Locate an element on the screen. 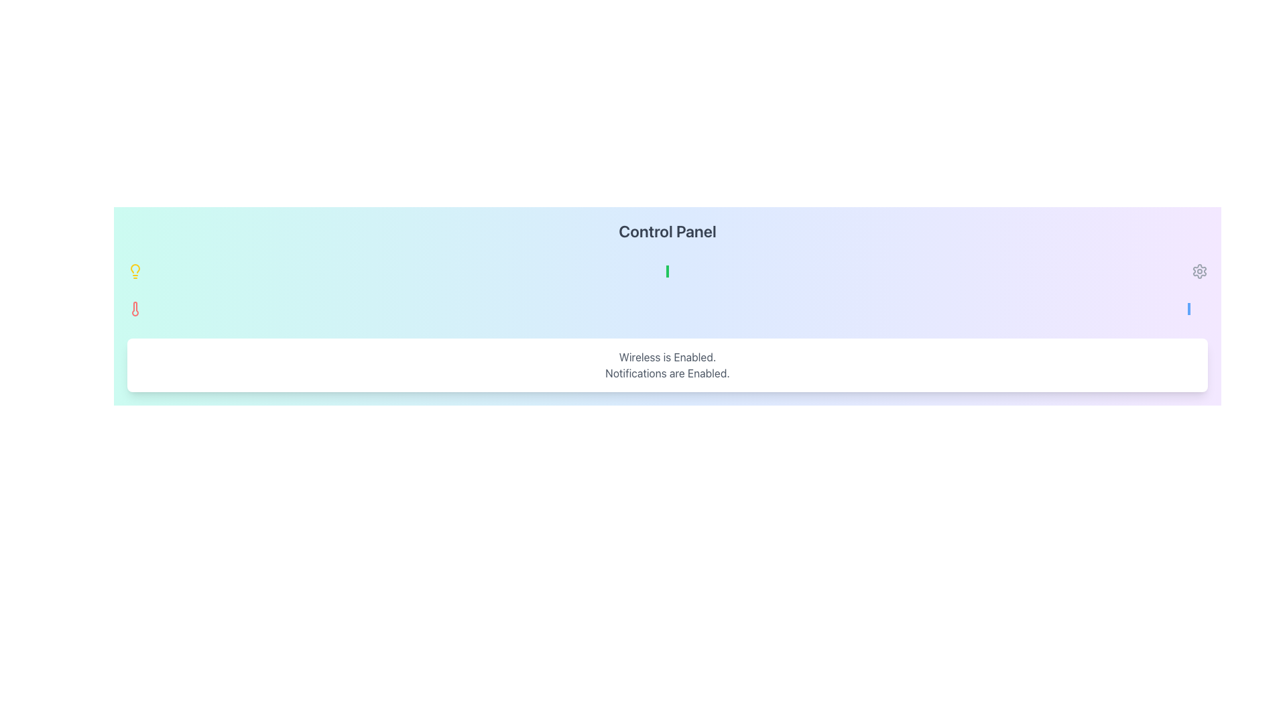  the vertical thermometer icon, which is red and located on the left side of the interface below the light bulb icon is located at coordinates (135, 309).